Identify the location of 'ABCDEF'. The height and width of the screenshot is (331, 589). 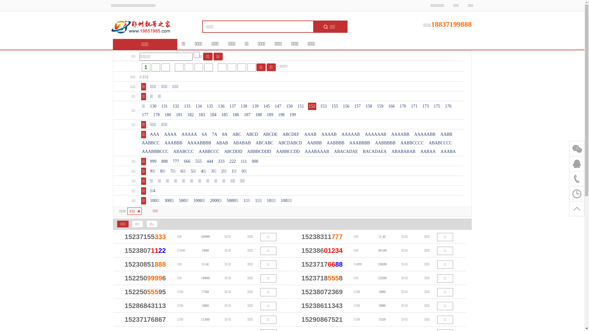
(291, 134).